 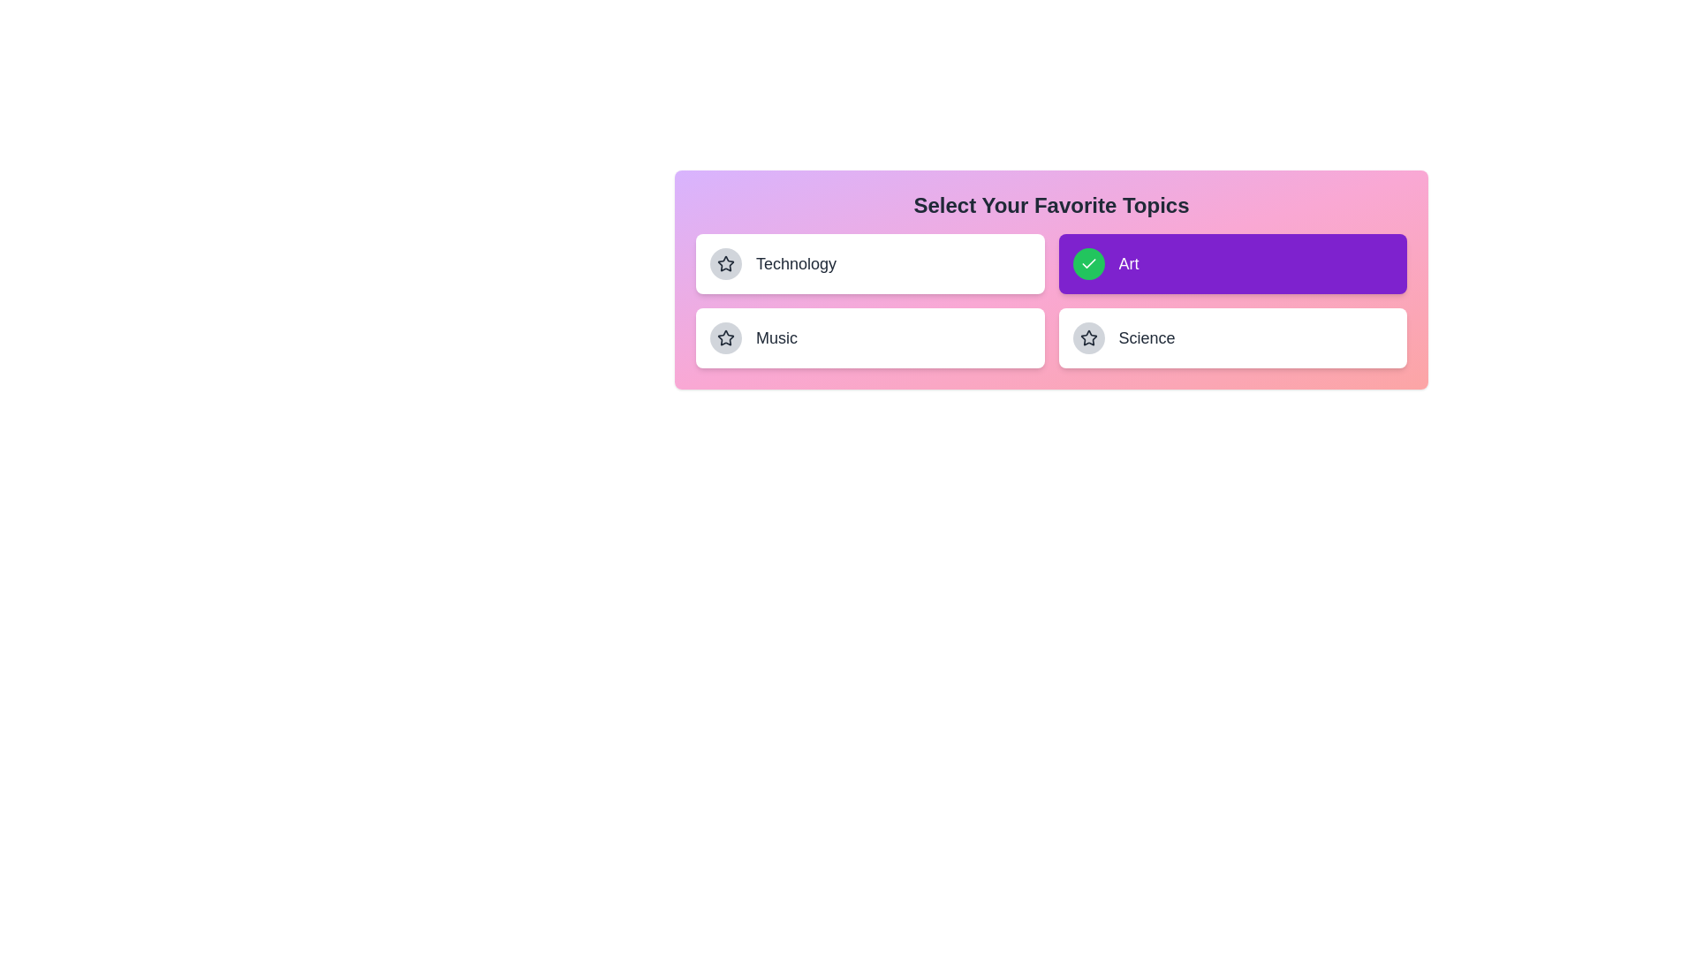 I want to click on the topic Technology, so click(x=870, y=264).